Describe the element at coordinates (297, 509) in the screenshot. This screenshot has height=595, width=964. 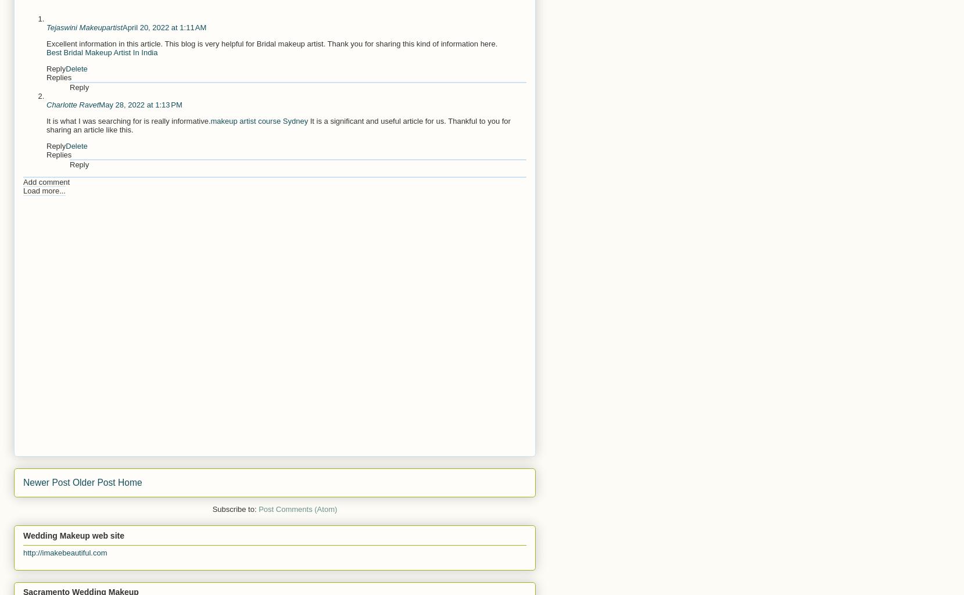
I see `'Post Comments (Atom)'` at that location.